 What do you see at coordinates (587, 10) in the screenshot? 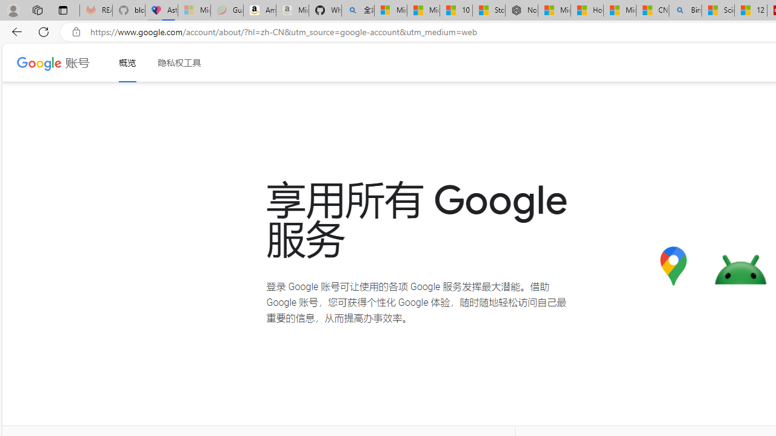
I see `'How I Got Rid of Microsoft Edge'` at bounding box center [587, 10].